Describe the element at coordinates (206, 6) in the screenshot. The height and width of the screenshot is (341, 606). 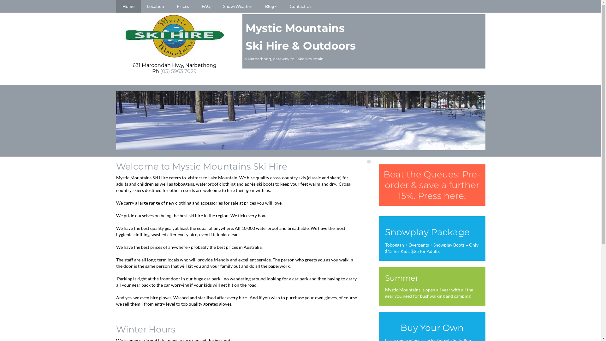
I see `'FAQ'` at that location.